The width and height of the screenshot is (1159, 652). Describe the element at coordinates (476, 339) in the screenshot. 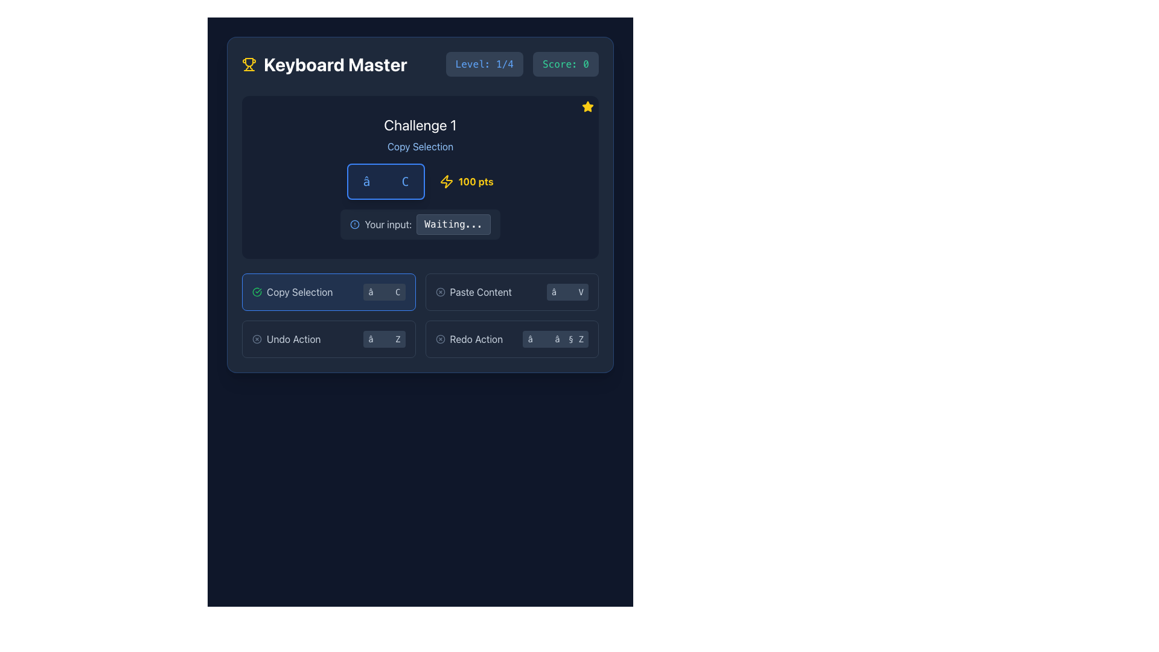

I see `the 'Redo Action' text label located in the bottom row of action buttons, positioned in the fourth column, to the right of the 'Undo Action' button` at that location.